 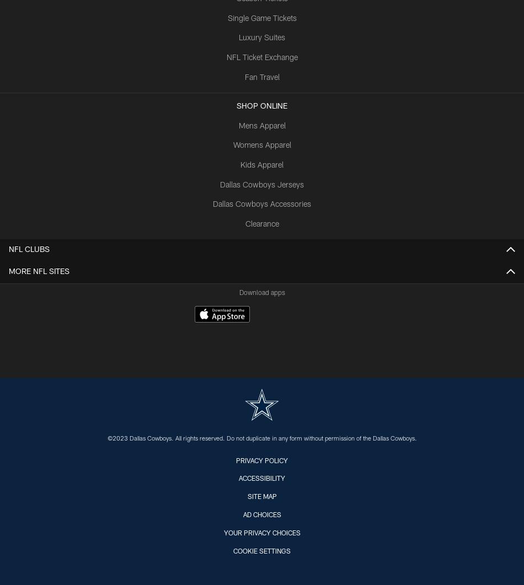 I want to click on 'Dallas Cowboys Jerseys', so click(x=262, y=185).